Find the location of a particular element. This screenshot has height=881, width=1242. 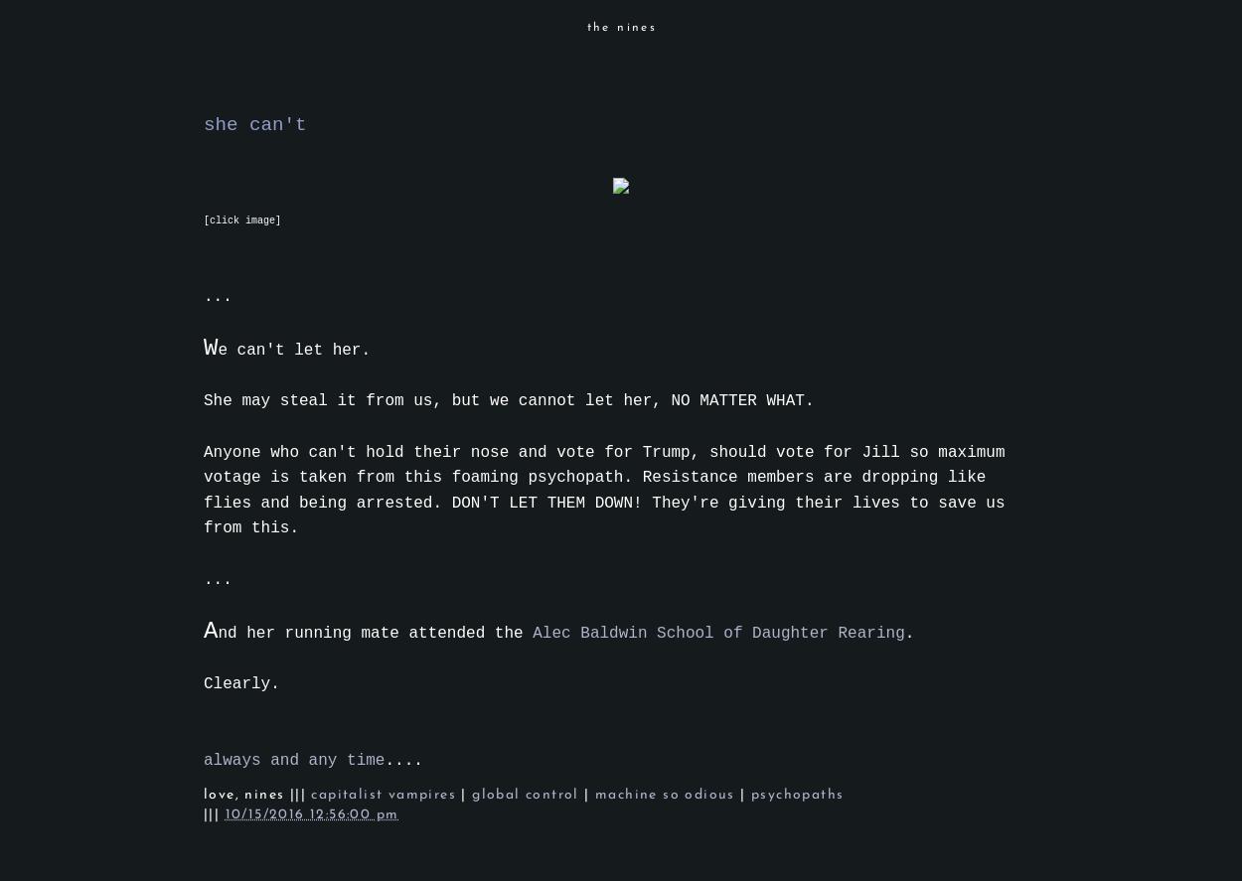

'nines' is located at coordinates (243, 795).